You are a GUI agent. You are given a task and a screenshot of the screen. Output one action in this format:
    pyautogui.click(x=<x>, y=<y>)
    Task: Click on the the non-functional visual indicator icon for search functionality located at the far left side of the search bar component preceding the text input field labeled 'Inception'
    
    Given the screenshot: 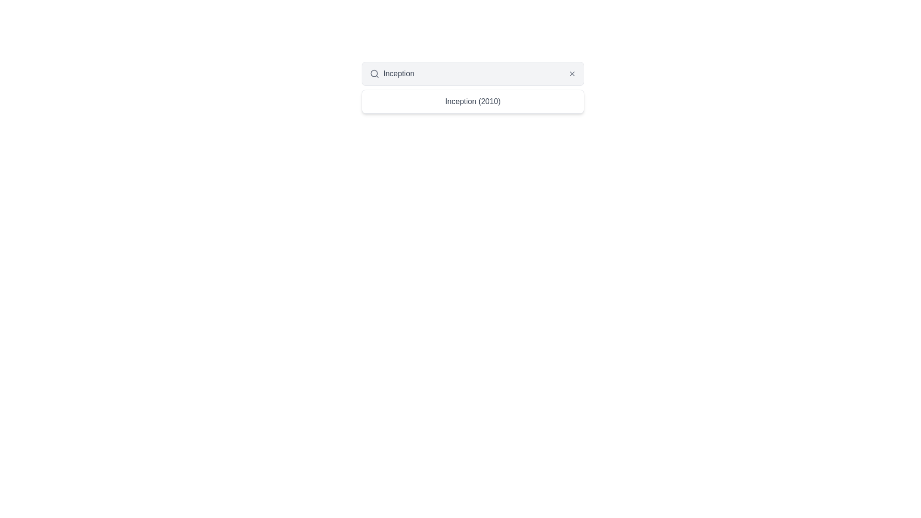 What is the action you would take?
    pyautogui.click(x=374, y=73)
    